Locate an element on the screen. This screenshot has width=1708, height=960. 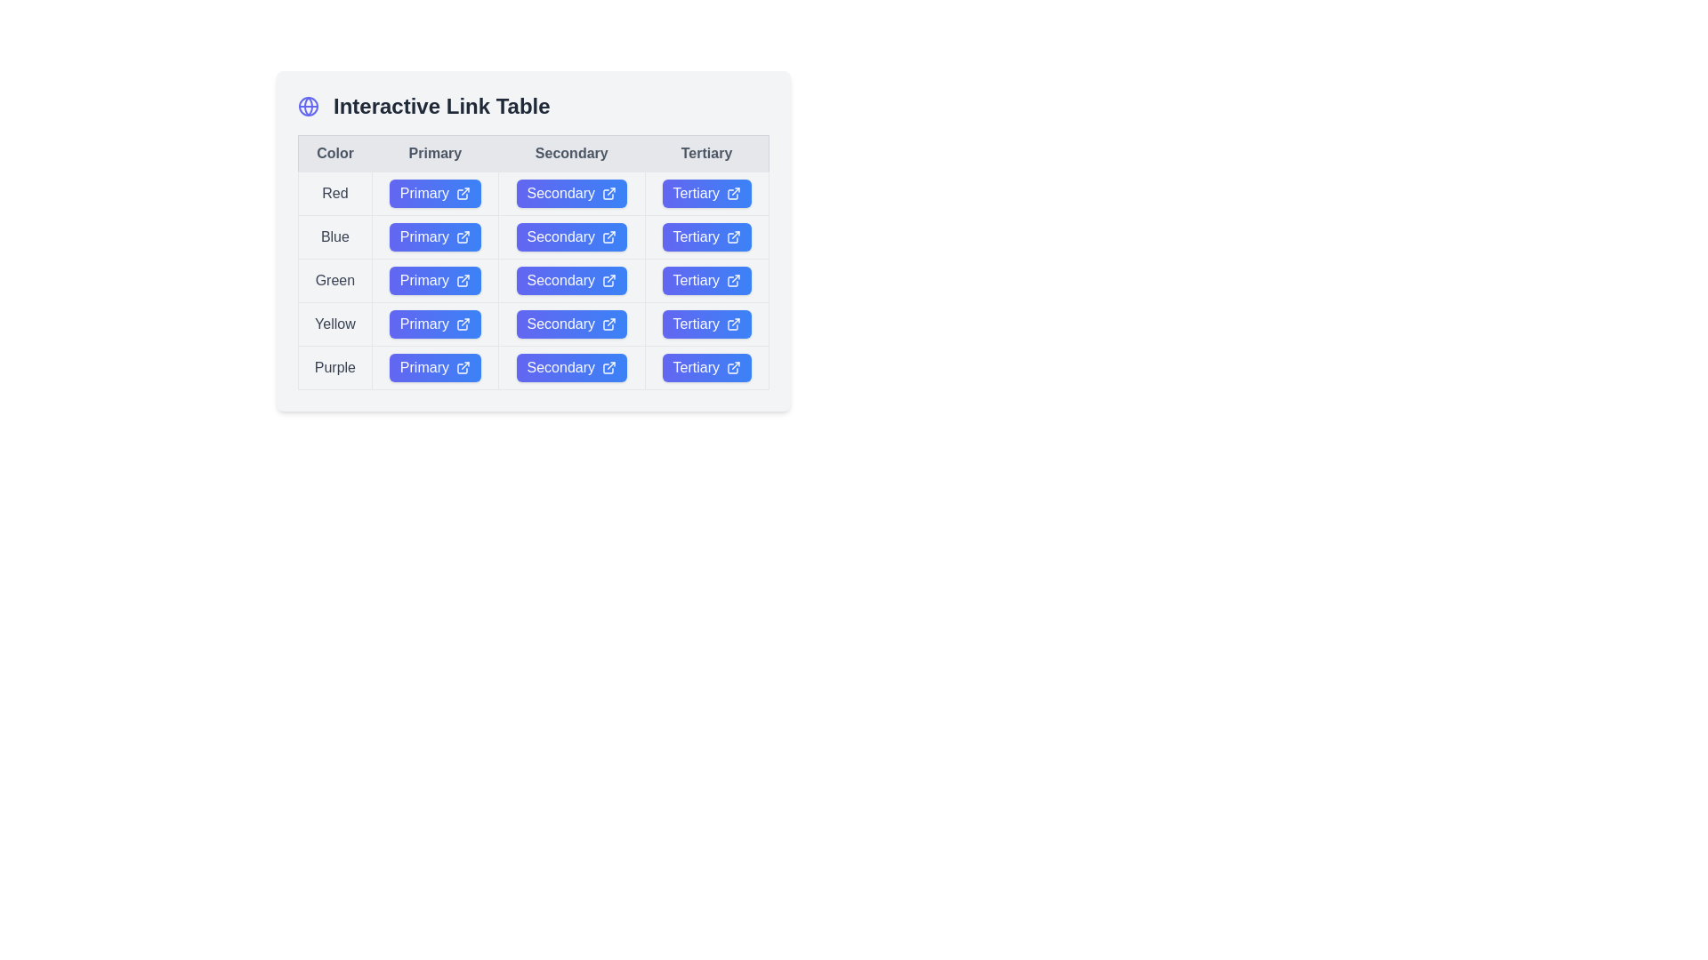
the table header cell labeled 'Secondary' which is styled with a light gray background and bold font, located in the third column of the table header is located at coordinates (533, 153).